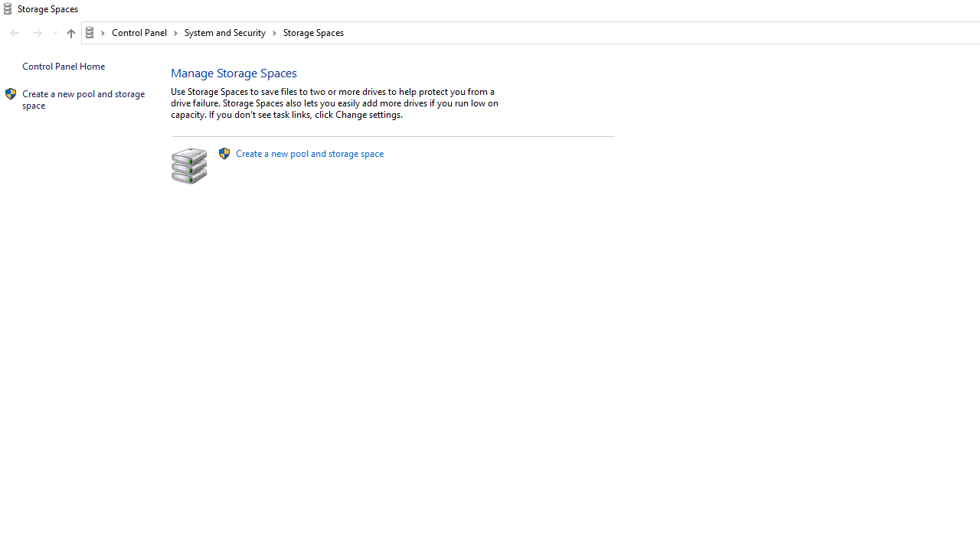 The width and height of the screenshot is (980, 551). I want to click on 'Navigation buttons', so click(32, 33).